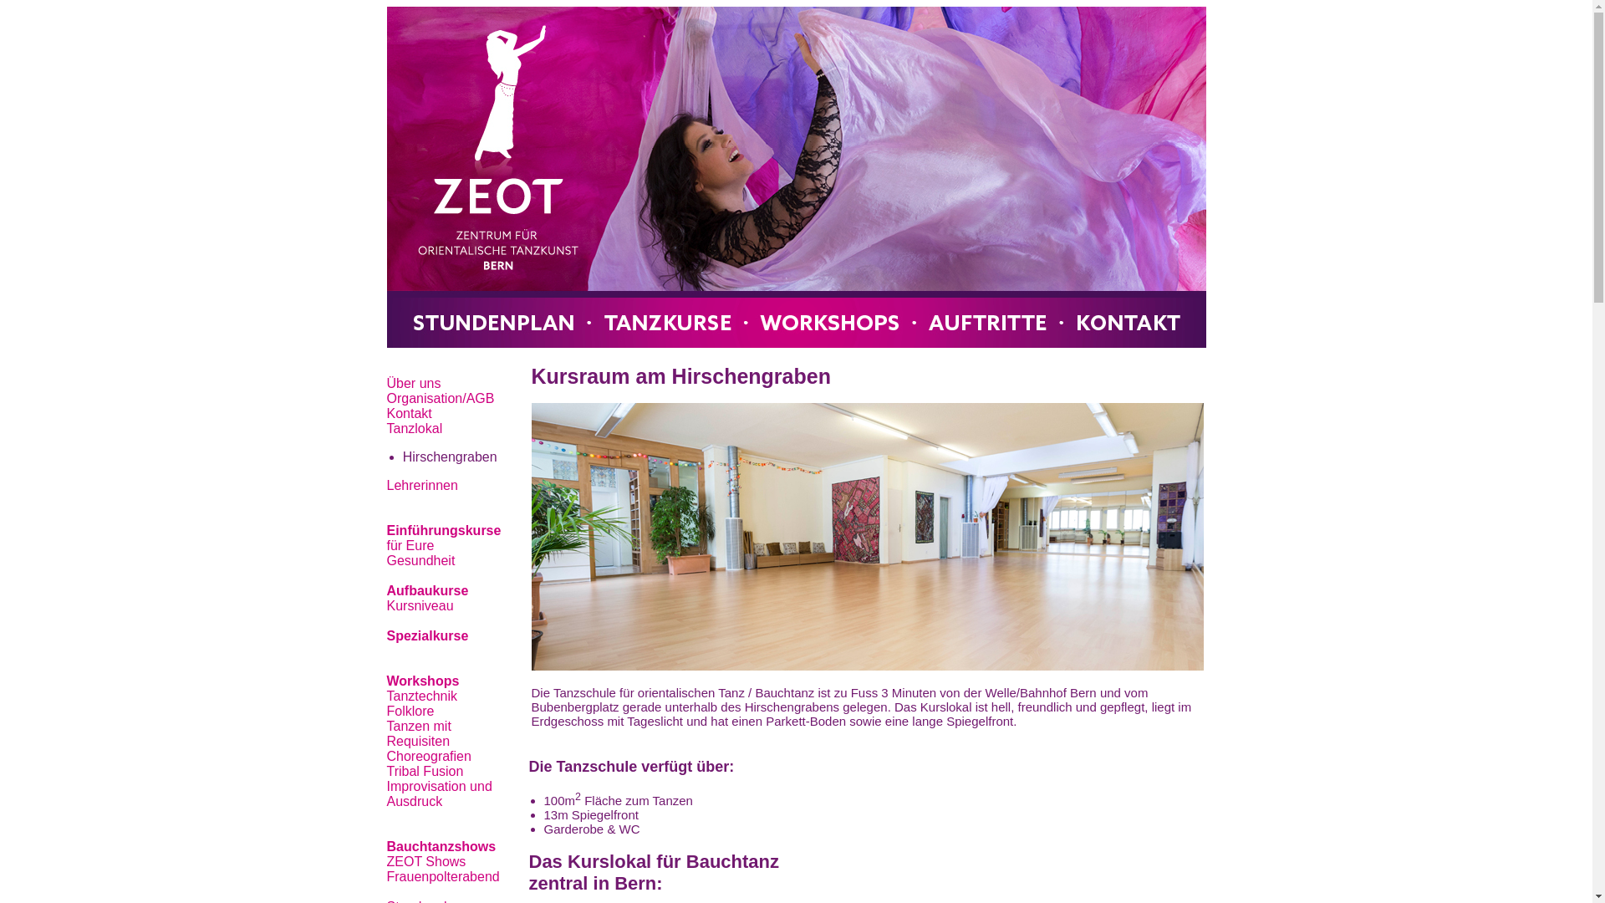  What do you see at coordinates (385, 605) in the screenshot?
I see `'Kursniveau'` at bounding box center [385, 605].